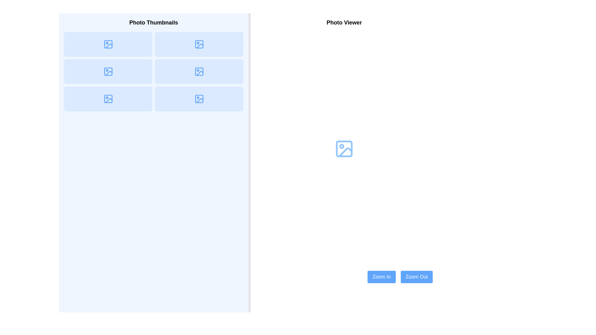 The image size is (596, 335). I want to click on the decorative element with rounded corners located within the bottom-right thumbnail of a 2x3 grid layout of photo thumbnails, so click(199, 99).